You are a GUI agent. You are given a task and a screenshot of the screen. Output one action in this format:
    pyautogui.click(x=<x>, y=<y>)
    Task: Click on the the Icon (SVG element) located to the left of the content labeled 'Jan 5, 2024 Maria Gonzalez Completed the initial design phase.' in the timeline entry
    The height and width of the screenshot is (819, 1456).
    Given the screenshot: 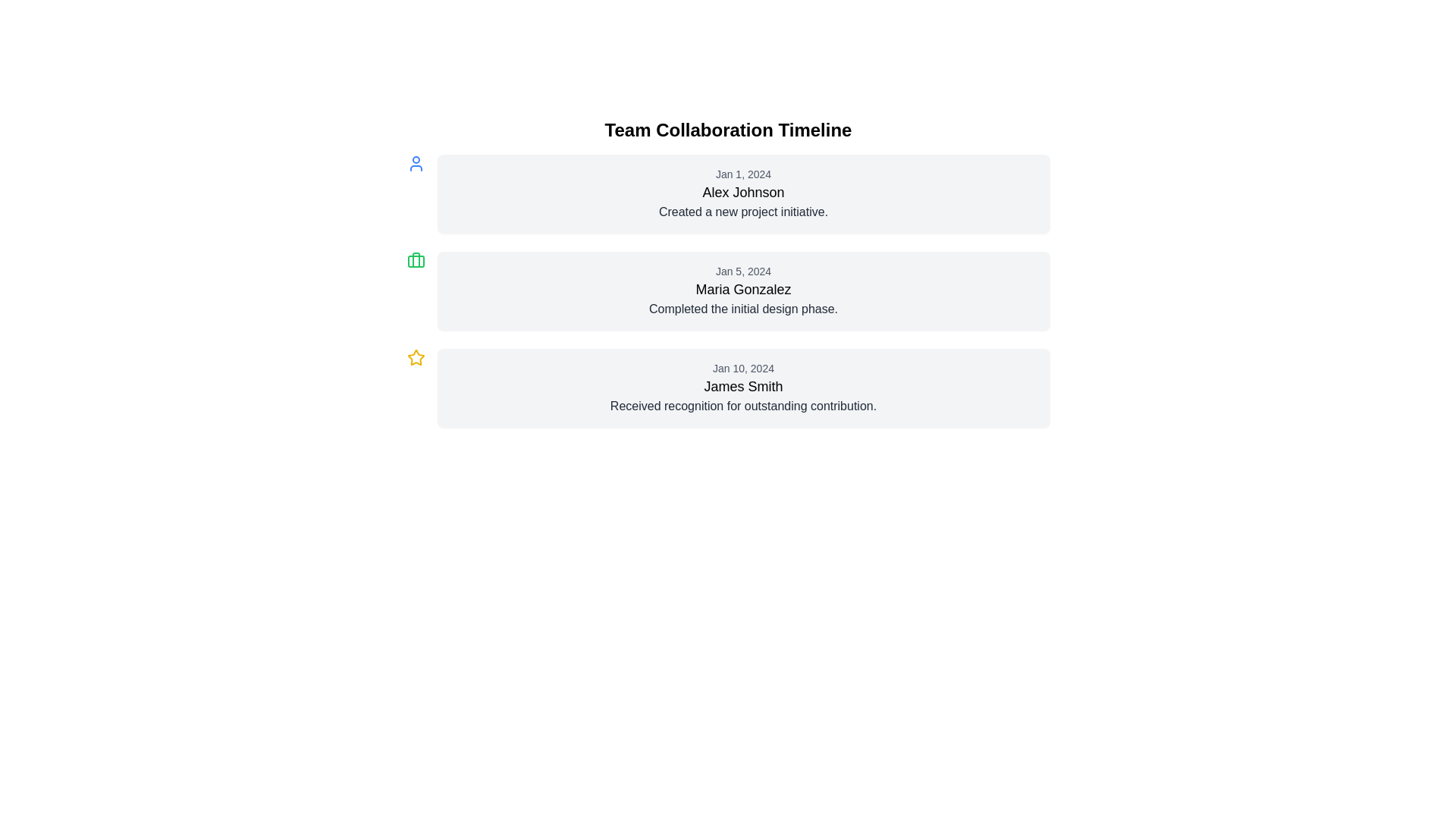 What is the action you would take?
    pyautogui.click(x=416, y=259)
    